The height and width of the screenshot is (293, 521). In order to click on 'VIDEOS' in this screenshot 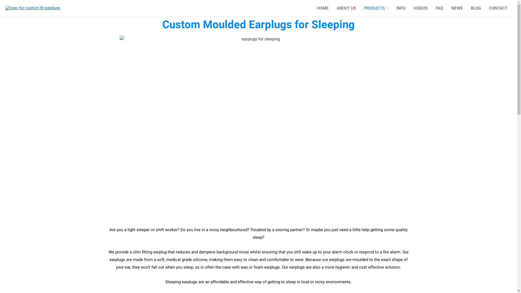, I will do `click(420, 8)`.